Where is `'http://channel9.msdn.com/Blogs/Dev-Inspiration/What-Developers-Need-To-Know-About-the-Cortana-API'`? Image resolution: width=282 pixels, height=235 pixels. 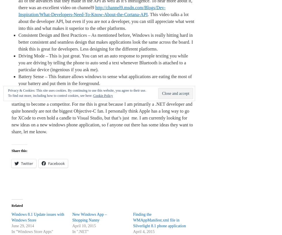
'http://channel9.msdn.com/Blogs/Dev-Inspiration/What-Developers-Need-To-Know-About-the-Cortana-API' is located at coordinates (92, 11).